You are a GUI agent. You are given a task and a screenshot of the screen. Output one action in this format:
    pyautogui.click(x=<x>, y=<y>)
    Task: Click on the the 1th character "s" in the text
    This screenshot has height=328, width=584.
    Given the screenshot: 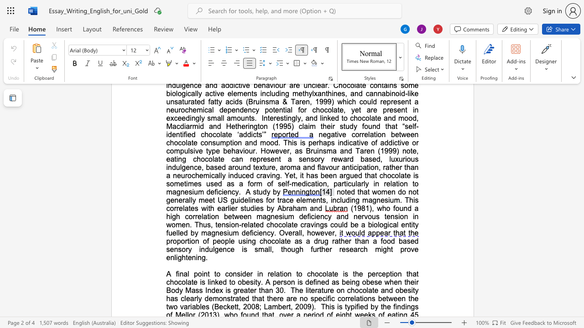 What is the action you would take?
    pyautogui.click(x=239, y=273)
    